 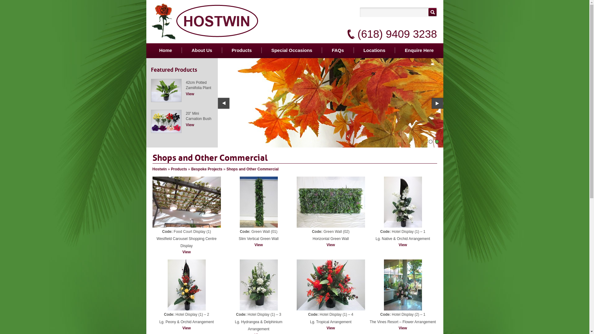 What do you see at coordinates (374, 50) in the screenshot?
I see `'Locations'` at bounding box center [374, 50].